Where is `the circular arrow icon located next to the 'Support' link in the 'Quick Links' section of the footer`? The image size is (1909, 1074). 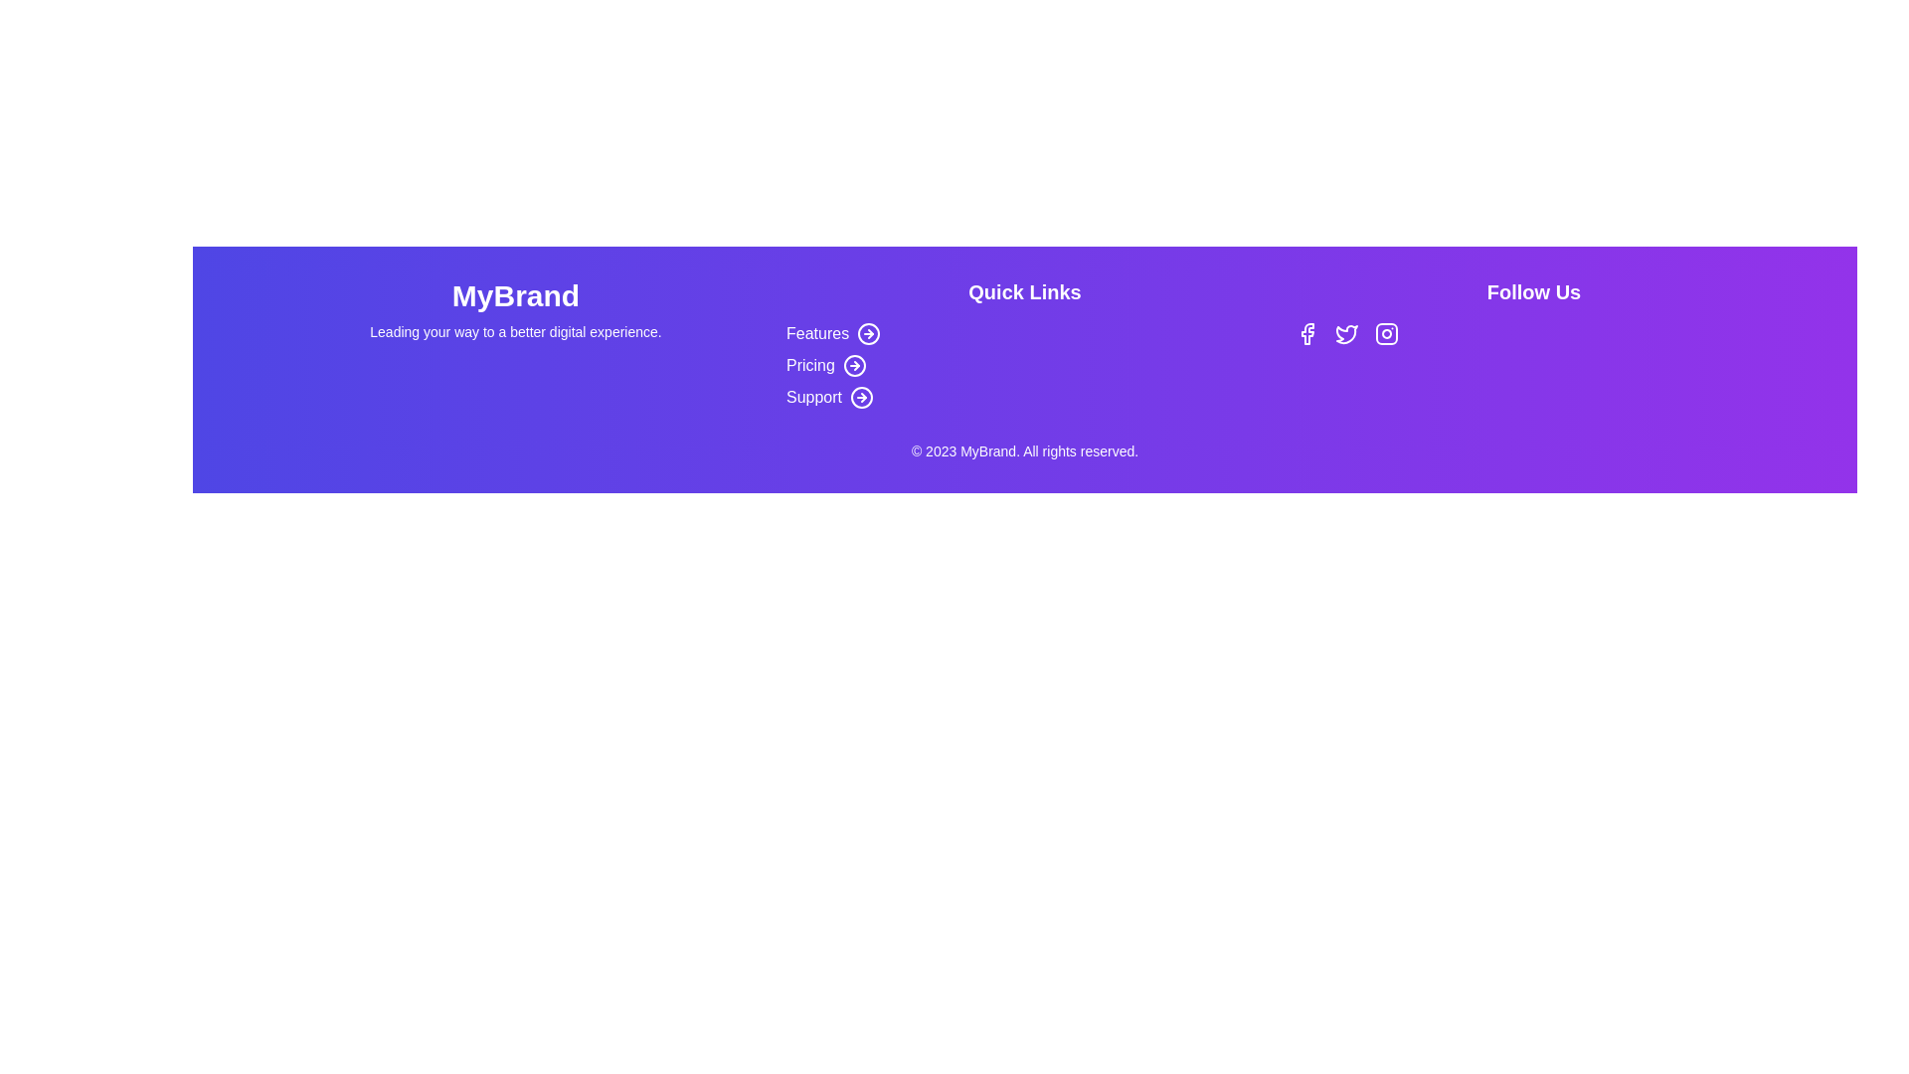 the circular arrow icon located next to the 'Support' link in the 'Quick Links' section of the footer is located at coordinates (862, 398).